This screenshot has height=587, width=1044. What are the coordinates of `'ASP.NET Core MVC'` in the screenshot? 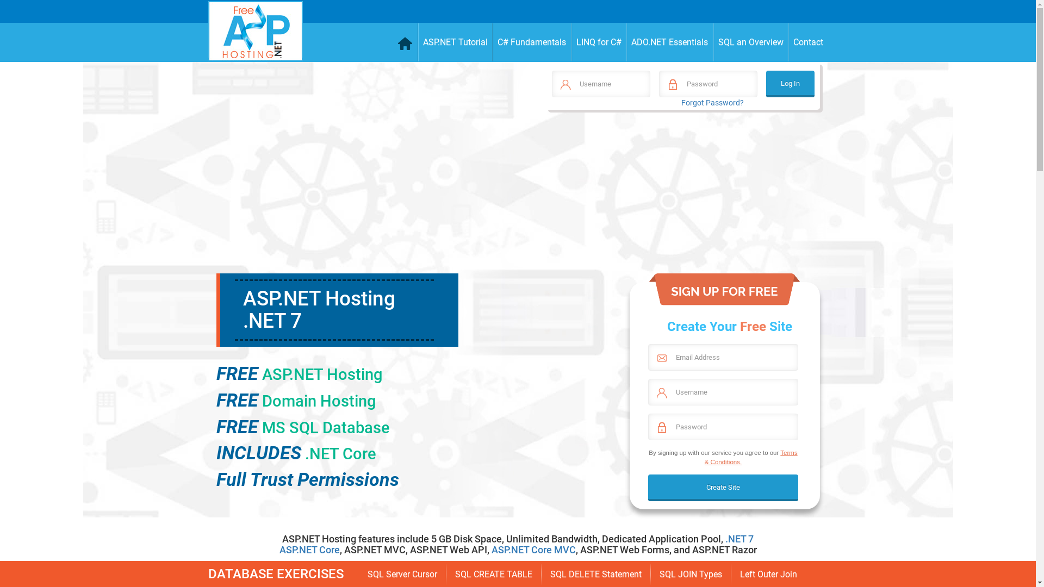 It's located at (490, 549).